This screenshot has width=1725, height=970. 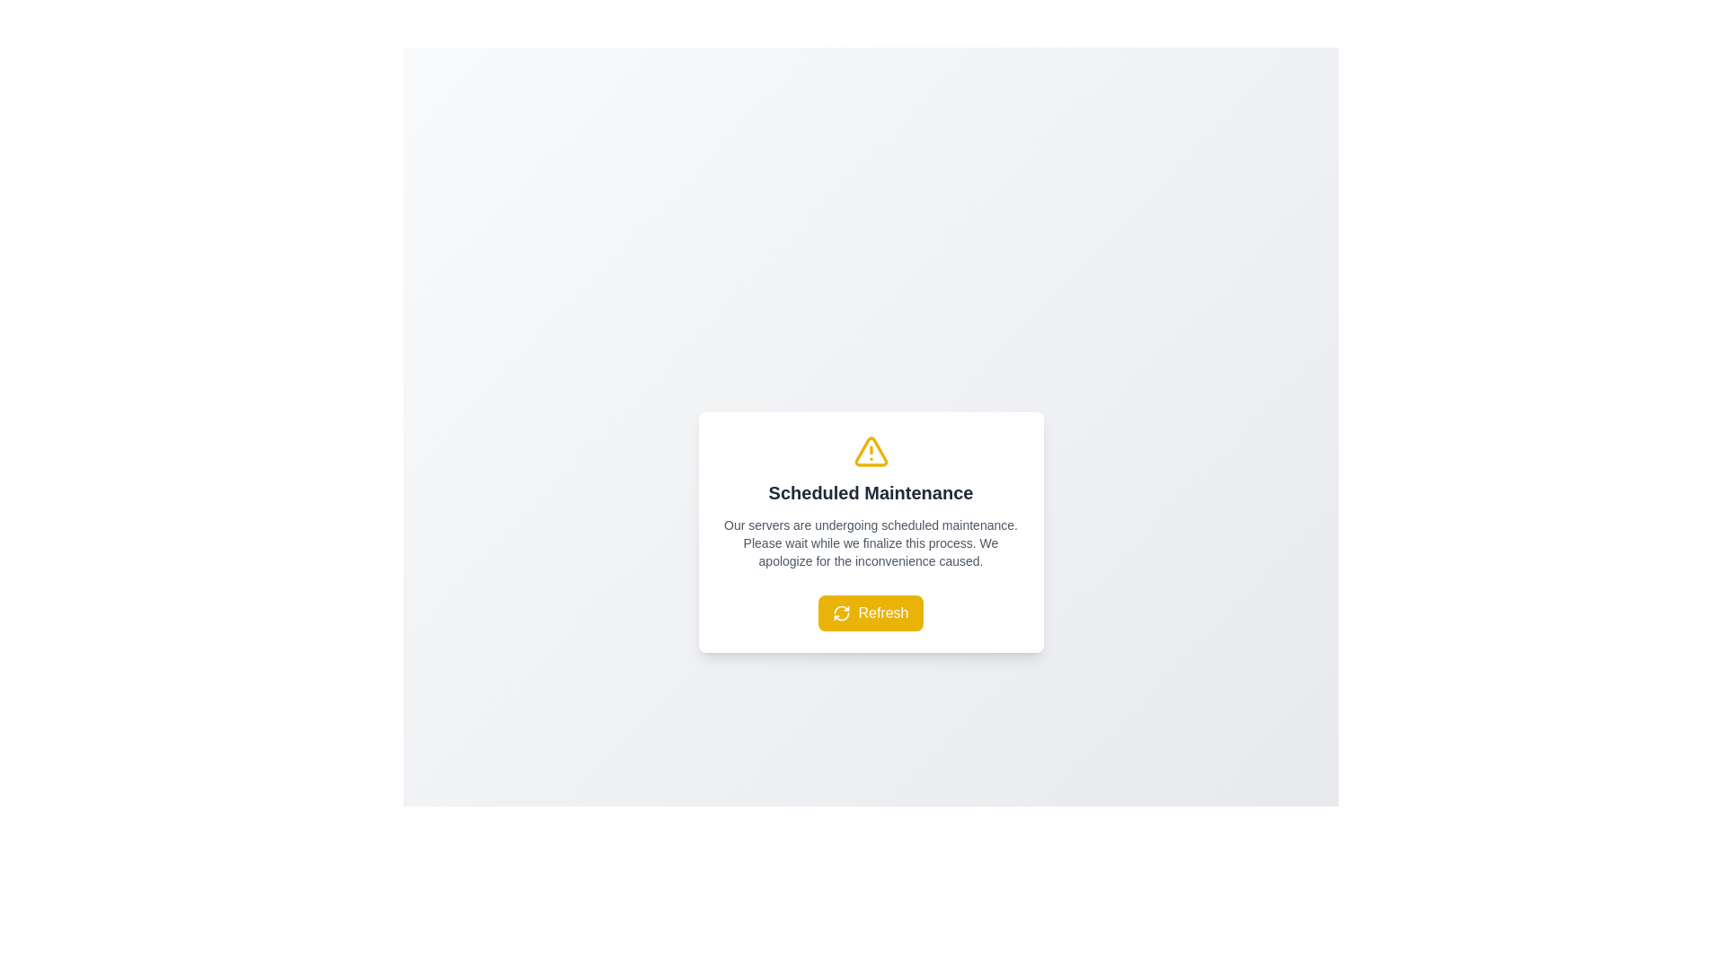 What do you see at coordinates (871, 532) in the screenshot?
I see `notification text displayed in the Notification Panel, which includes the bold title 'Scheduled Maintenance' and the description about ongoing server maintenance` at bounding box center [871, 532].